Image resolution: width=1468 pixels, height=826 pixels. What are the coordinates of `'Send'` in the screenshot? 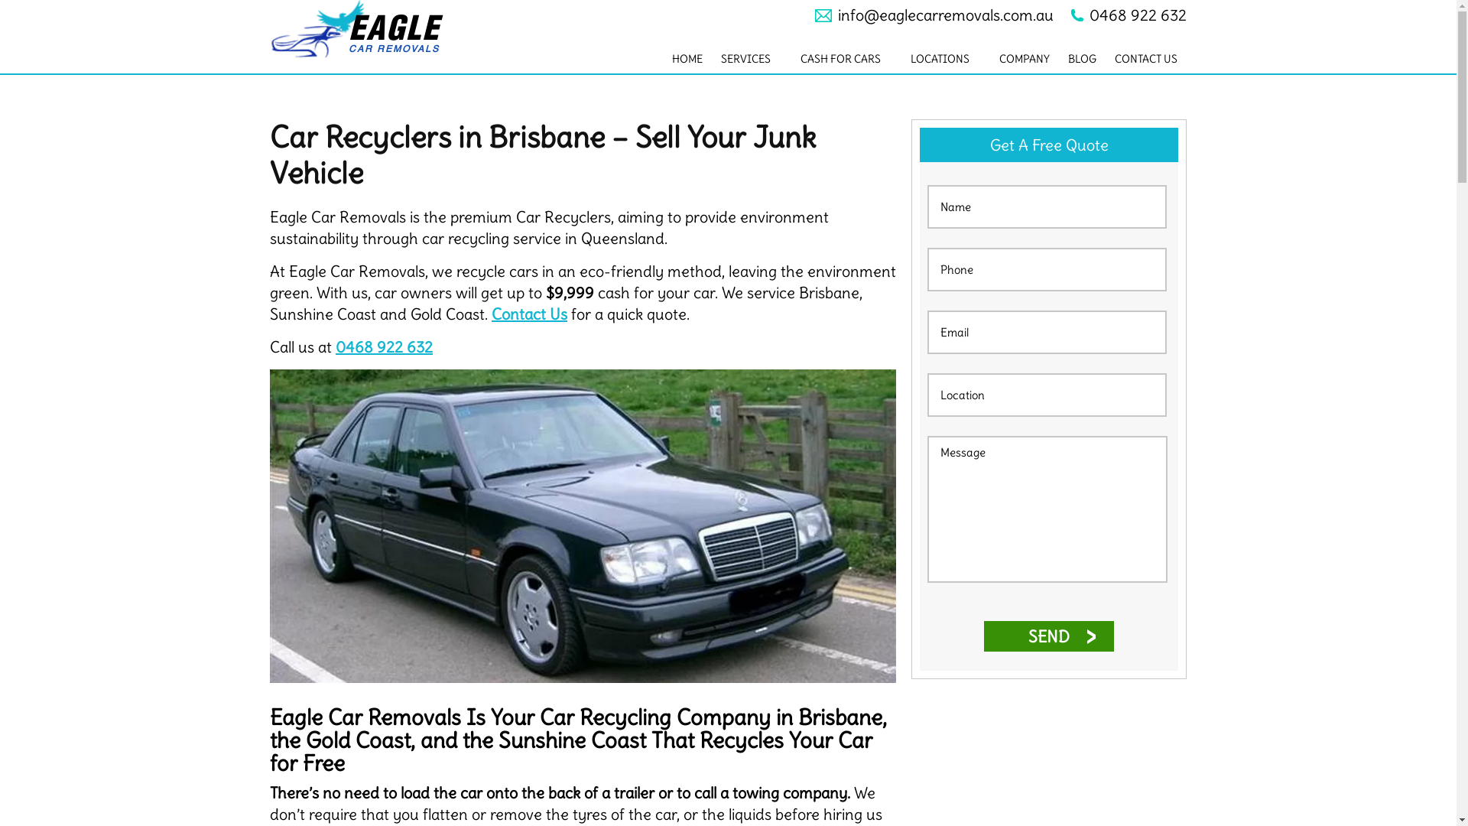 It's located at (1048, 636).